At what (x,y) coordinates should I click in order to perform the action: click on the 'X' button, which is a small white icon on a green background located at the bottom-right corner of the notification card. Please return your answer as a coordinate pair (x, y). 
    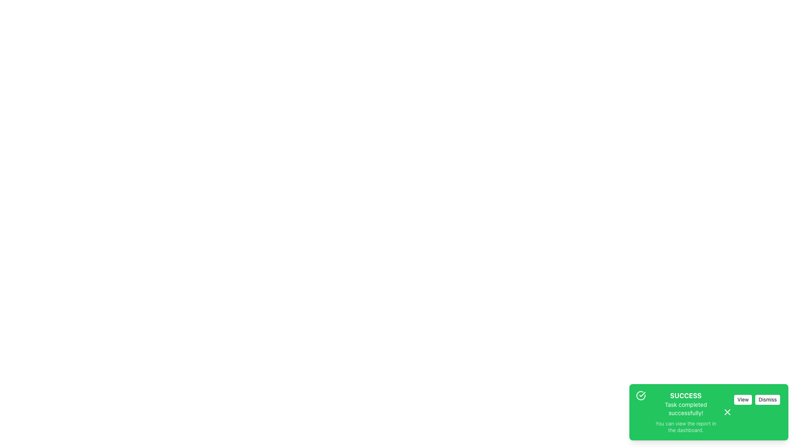
    Looking at the image, I should click on (727, 412).